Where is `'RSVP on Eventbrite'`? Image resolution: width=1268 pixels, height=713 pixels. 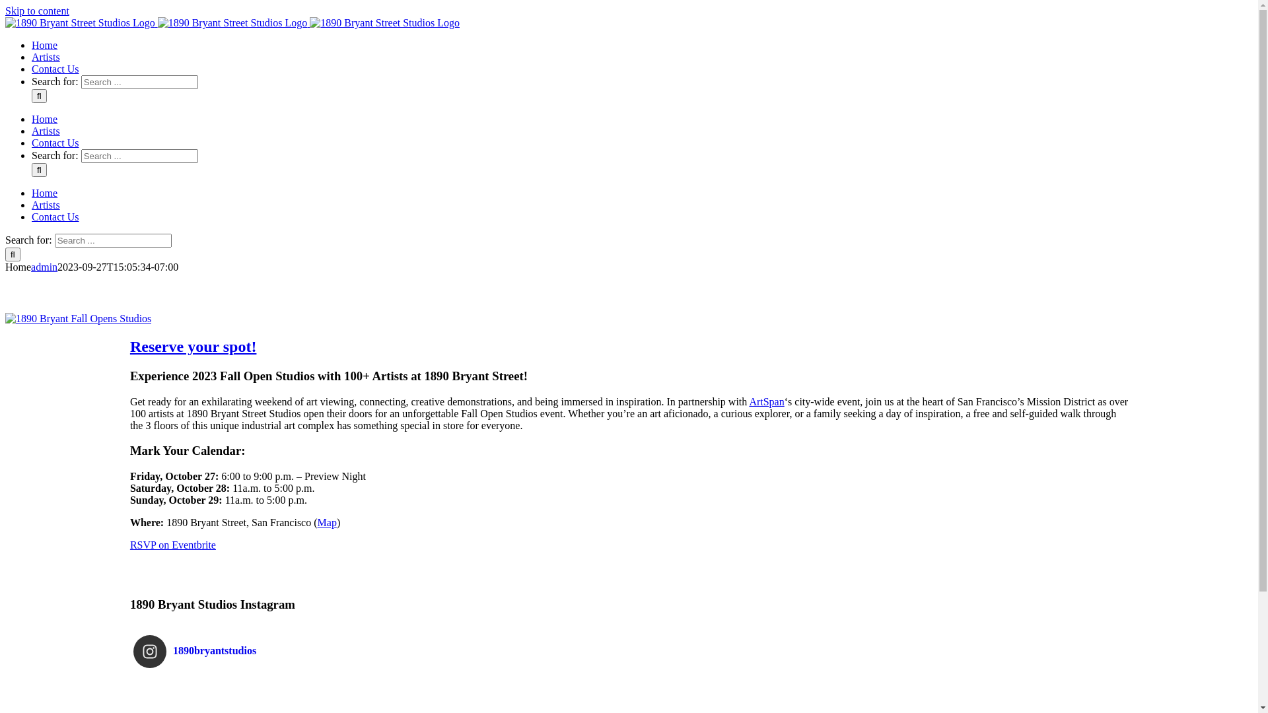 'RSVP on Eventbrite' is located at coordinates (129, 545).